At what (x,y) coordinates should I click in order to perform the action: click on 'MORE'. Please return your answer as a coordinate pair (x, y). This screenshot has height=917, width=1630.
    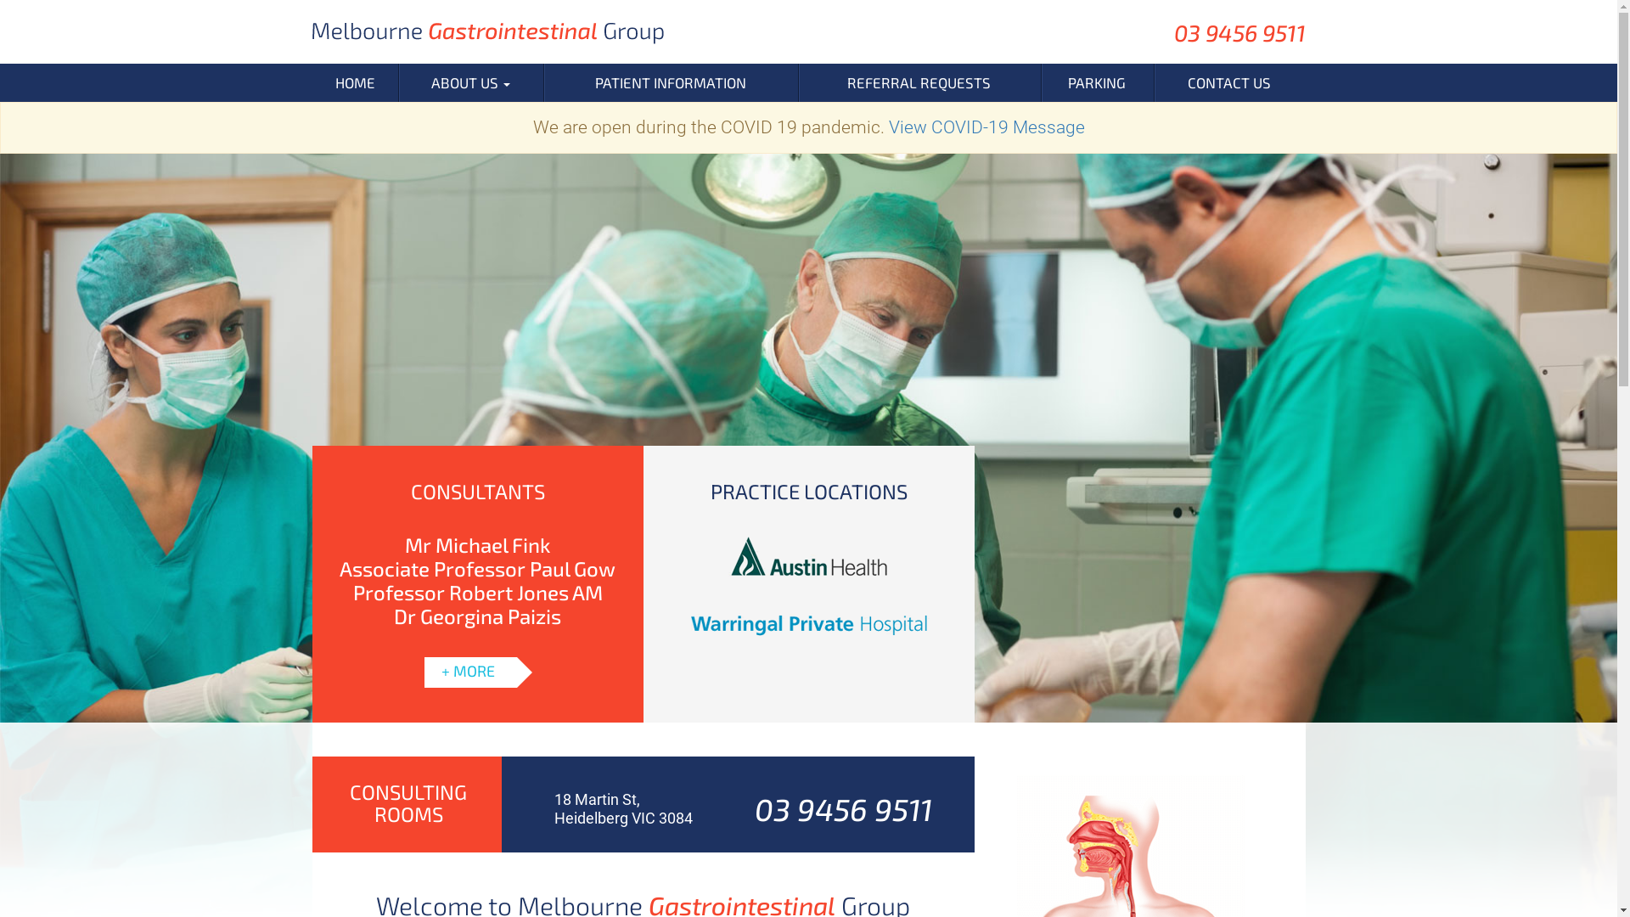
    Looking at the image, I should click on (476, 664).